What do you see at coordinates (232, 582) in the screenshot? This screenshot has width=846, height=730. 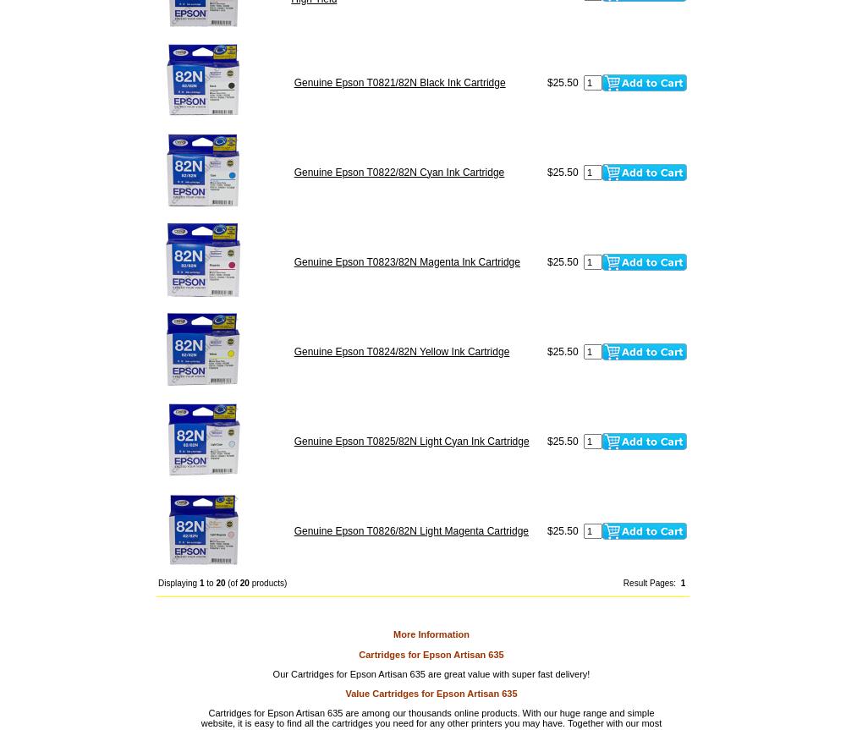 I see `'(of'` at bounding box center [232, 582].